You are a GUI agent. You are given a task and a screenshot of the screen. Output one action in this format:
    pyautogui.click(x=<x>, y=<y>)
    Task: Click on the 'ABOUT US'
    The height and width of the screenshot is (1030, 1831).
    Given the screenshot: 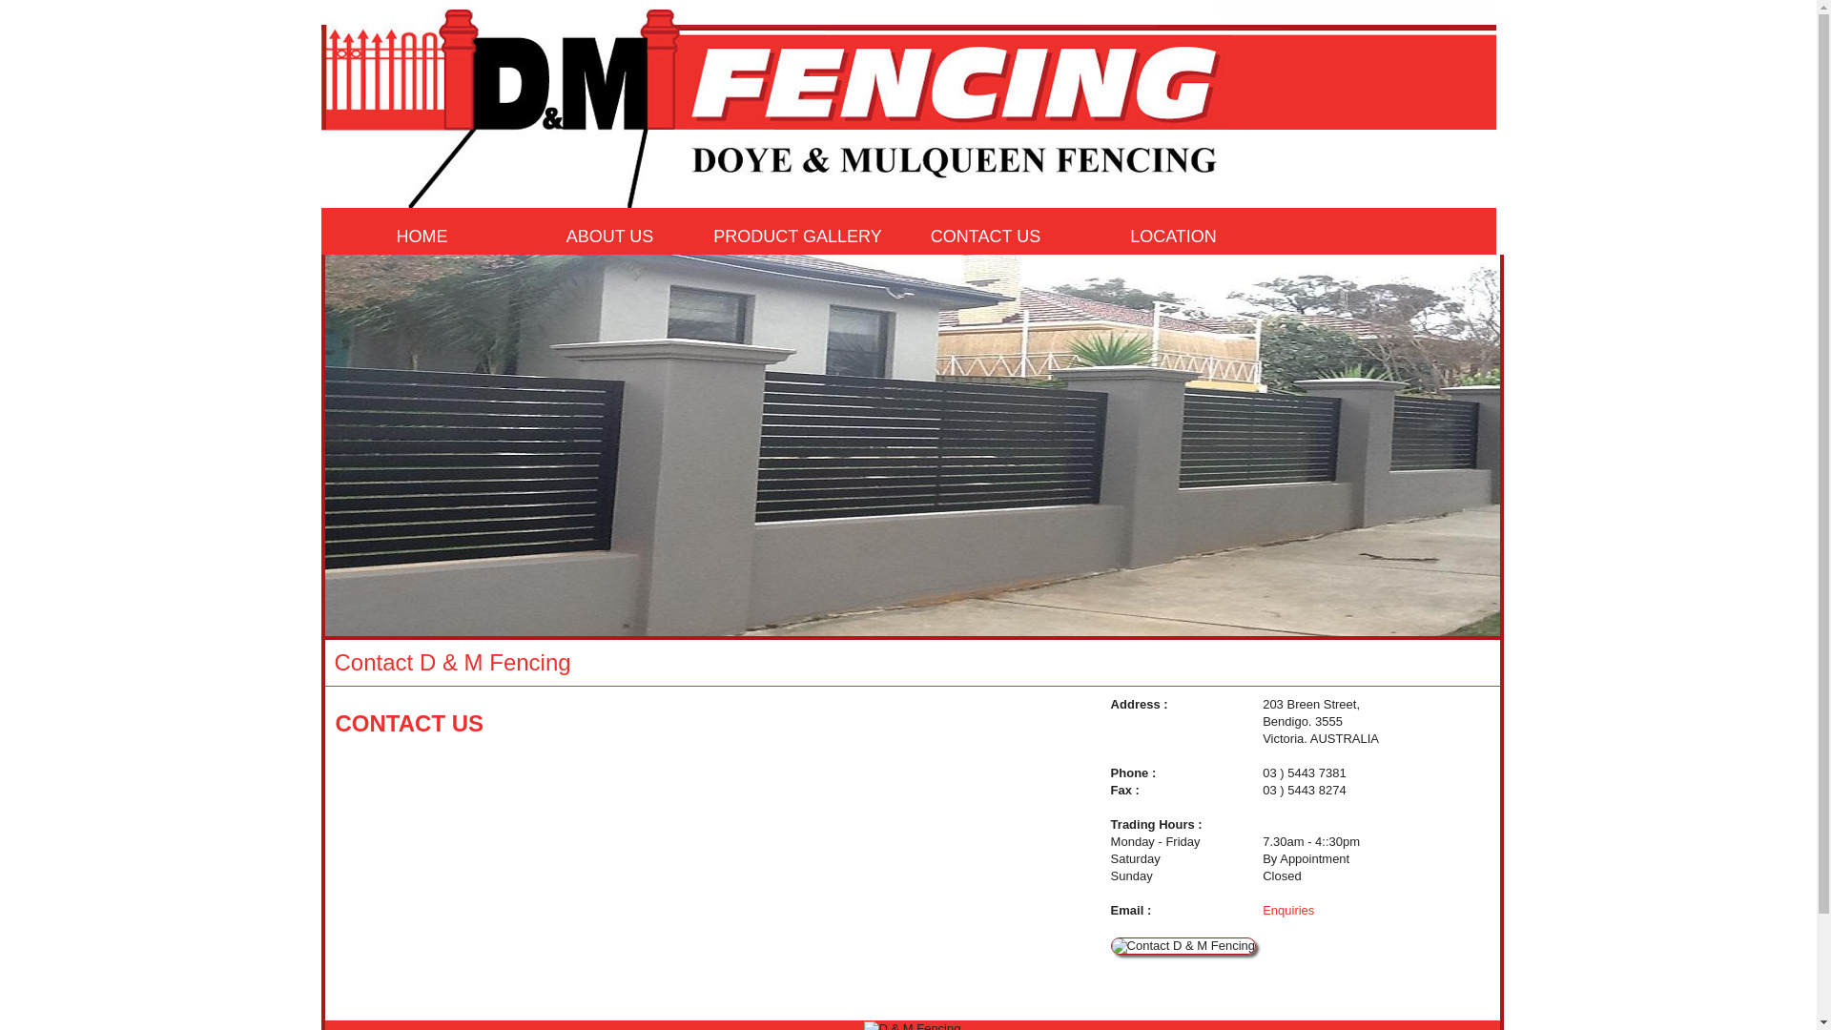 What is the action you would take?
    pyautogui.click(x=518, y=236)
    